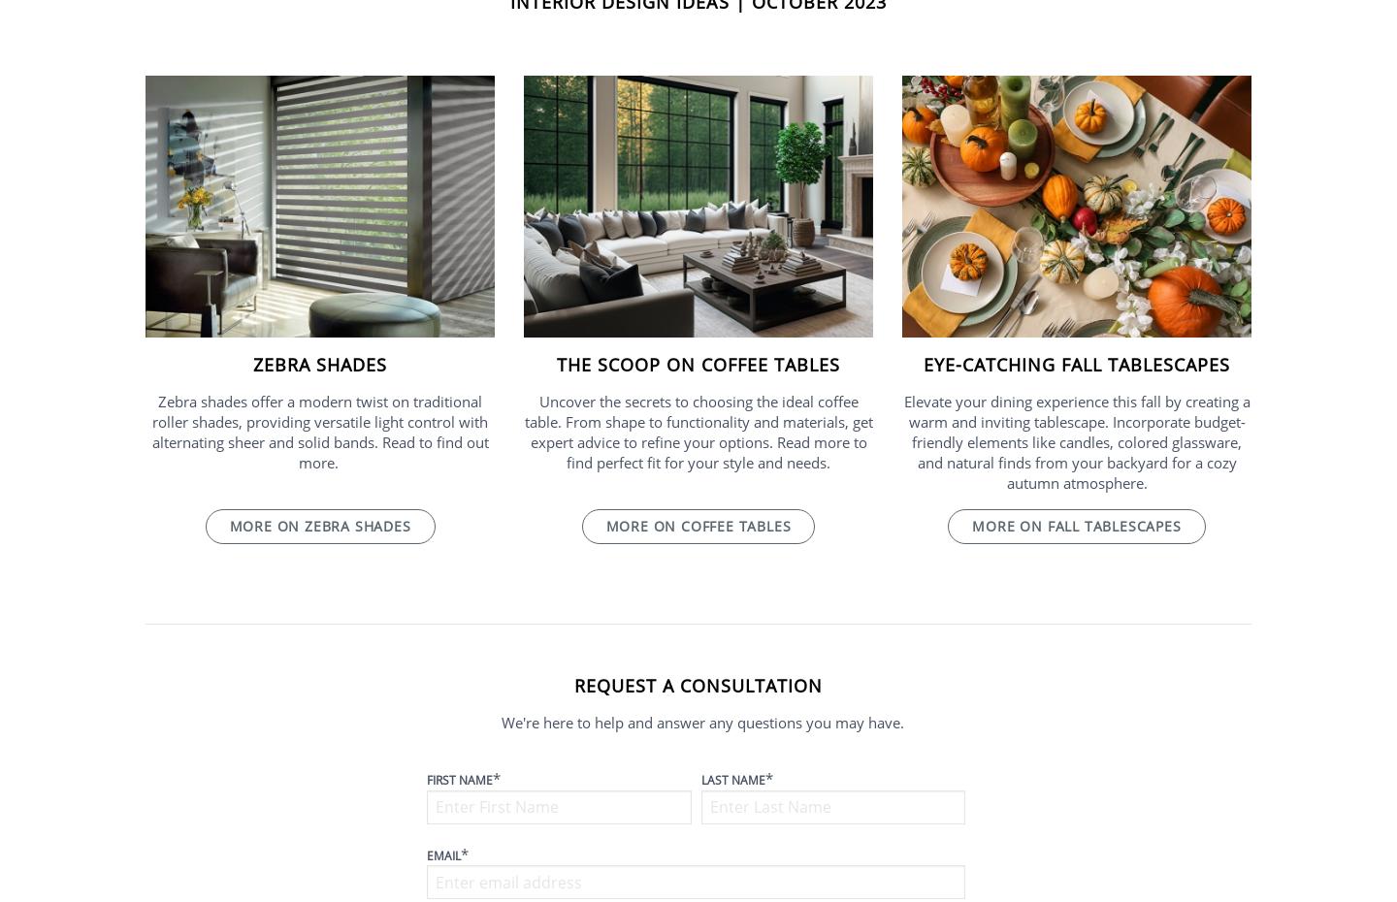  Describe the element at coordinates (460, 779) in the screenshot. I see `'First Name'` at that location.